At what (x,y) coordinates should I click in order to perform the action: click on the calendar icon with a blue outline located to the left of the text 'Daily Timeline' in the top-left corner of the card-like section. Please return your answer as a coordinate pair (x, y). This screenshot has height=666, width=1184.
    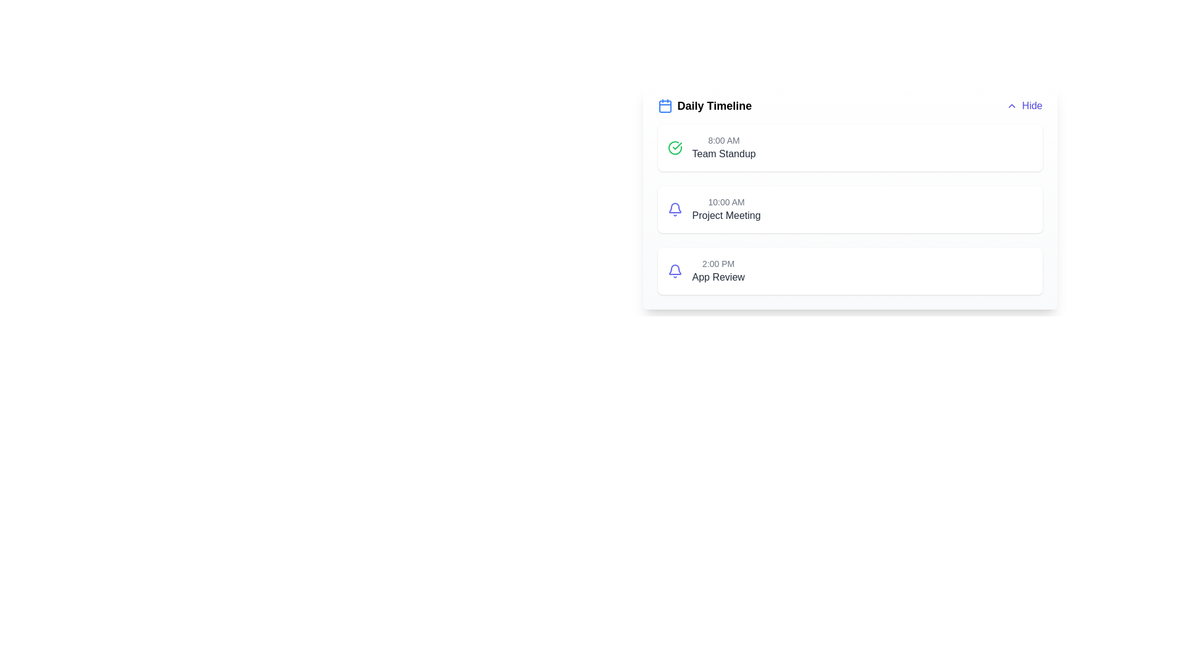
    Looking at the image, I should click on (664, 105).